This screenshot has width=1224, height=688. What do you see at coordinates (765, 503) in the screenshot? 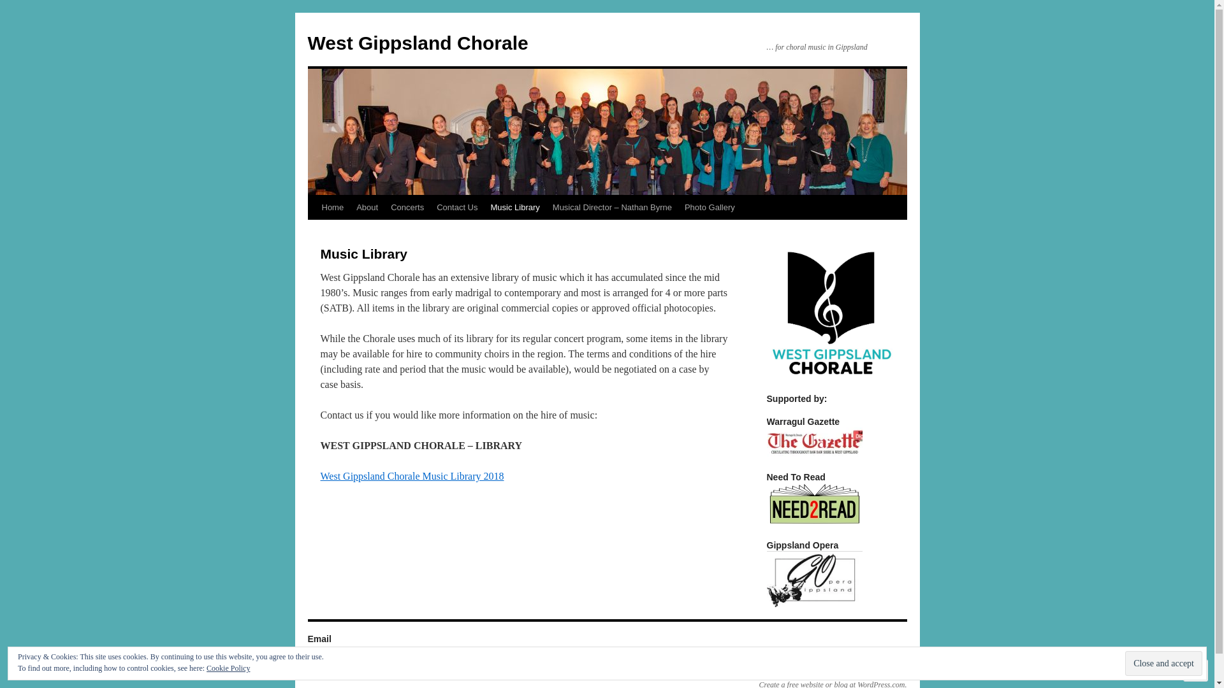
I see `'Need 2 Read'` at bounding box center [765, 503].